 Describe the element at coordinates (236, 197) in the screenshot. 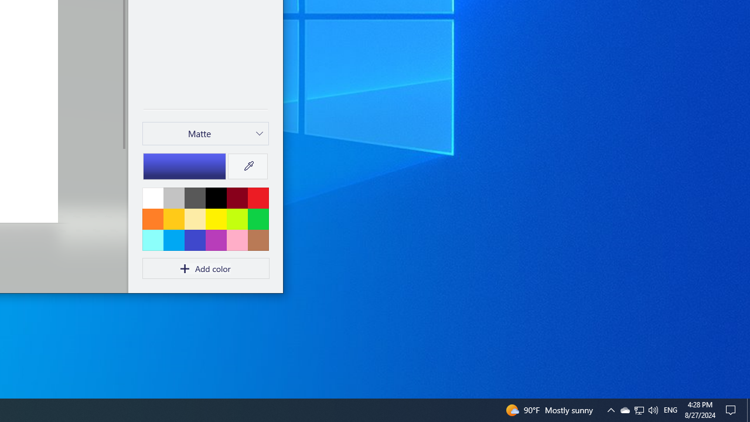

I see `'Dark red'` at that location.